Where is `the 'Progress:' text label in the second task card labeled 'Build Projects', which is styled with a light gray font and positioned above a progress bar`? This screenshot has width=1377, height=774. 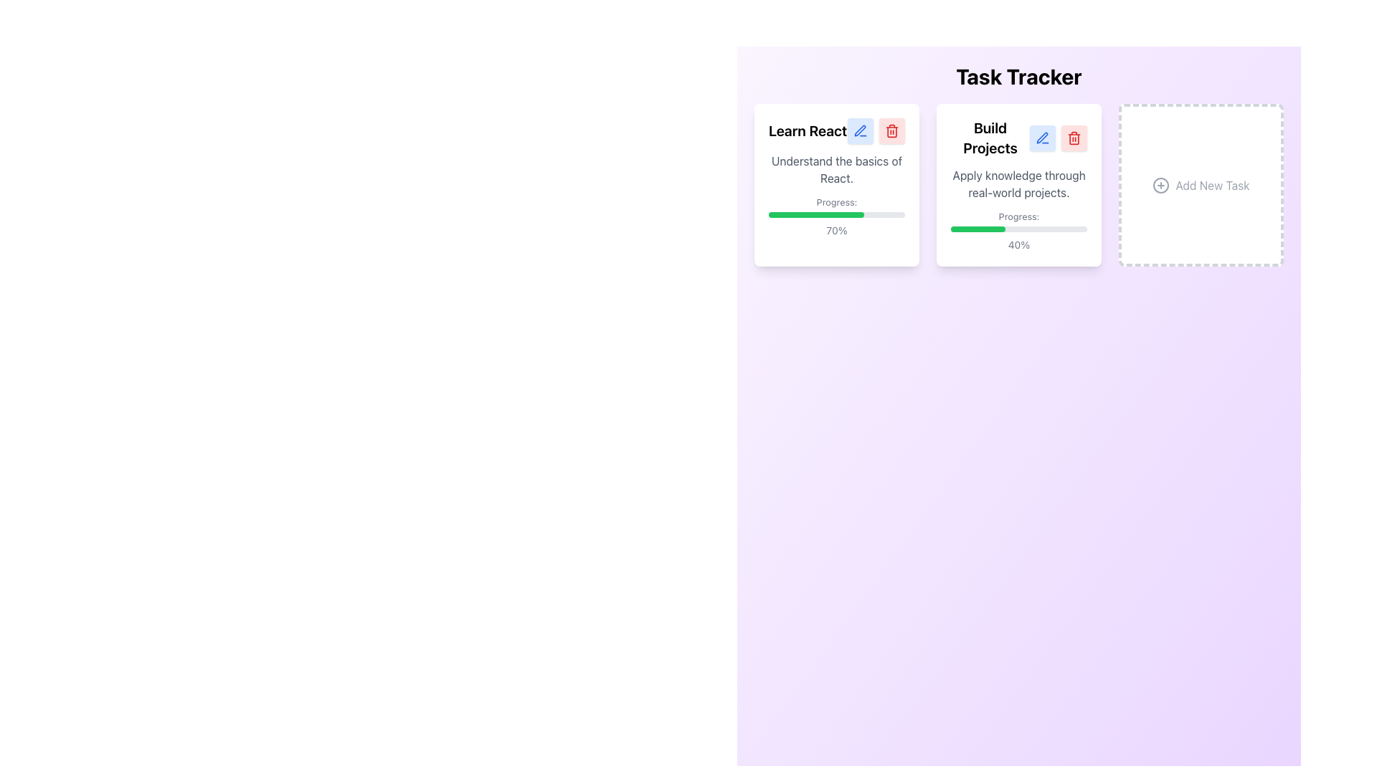
the 'Progress:' text label in the second task card labeled 'Build Projects', which is styled with a light gray font and positioned above a progress bar is located at coordinates (1018, 216).